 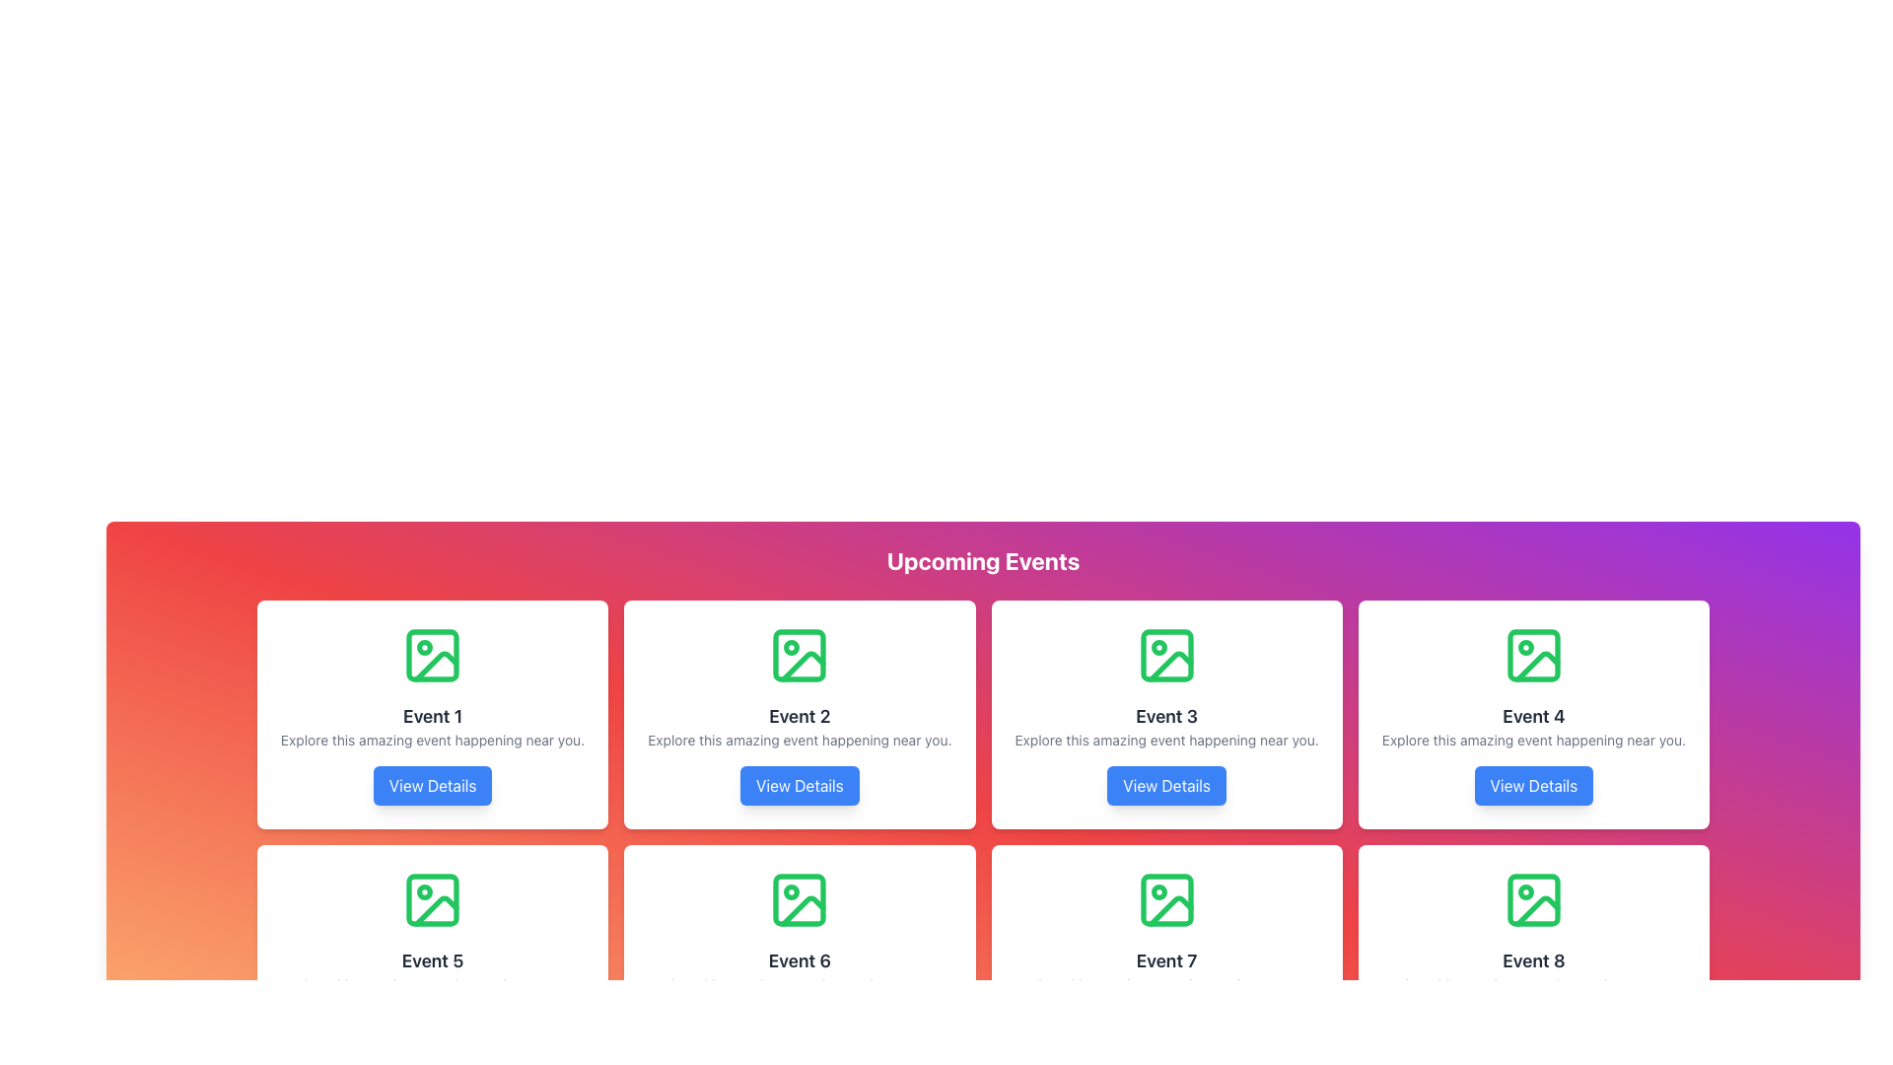 I want to click on the decorative graphical element located inside the bottom-most image icon of the Event 8 card in the bottom-right corner of the grid of event cards, so click(x=1537, y=911).